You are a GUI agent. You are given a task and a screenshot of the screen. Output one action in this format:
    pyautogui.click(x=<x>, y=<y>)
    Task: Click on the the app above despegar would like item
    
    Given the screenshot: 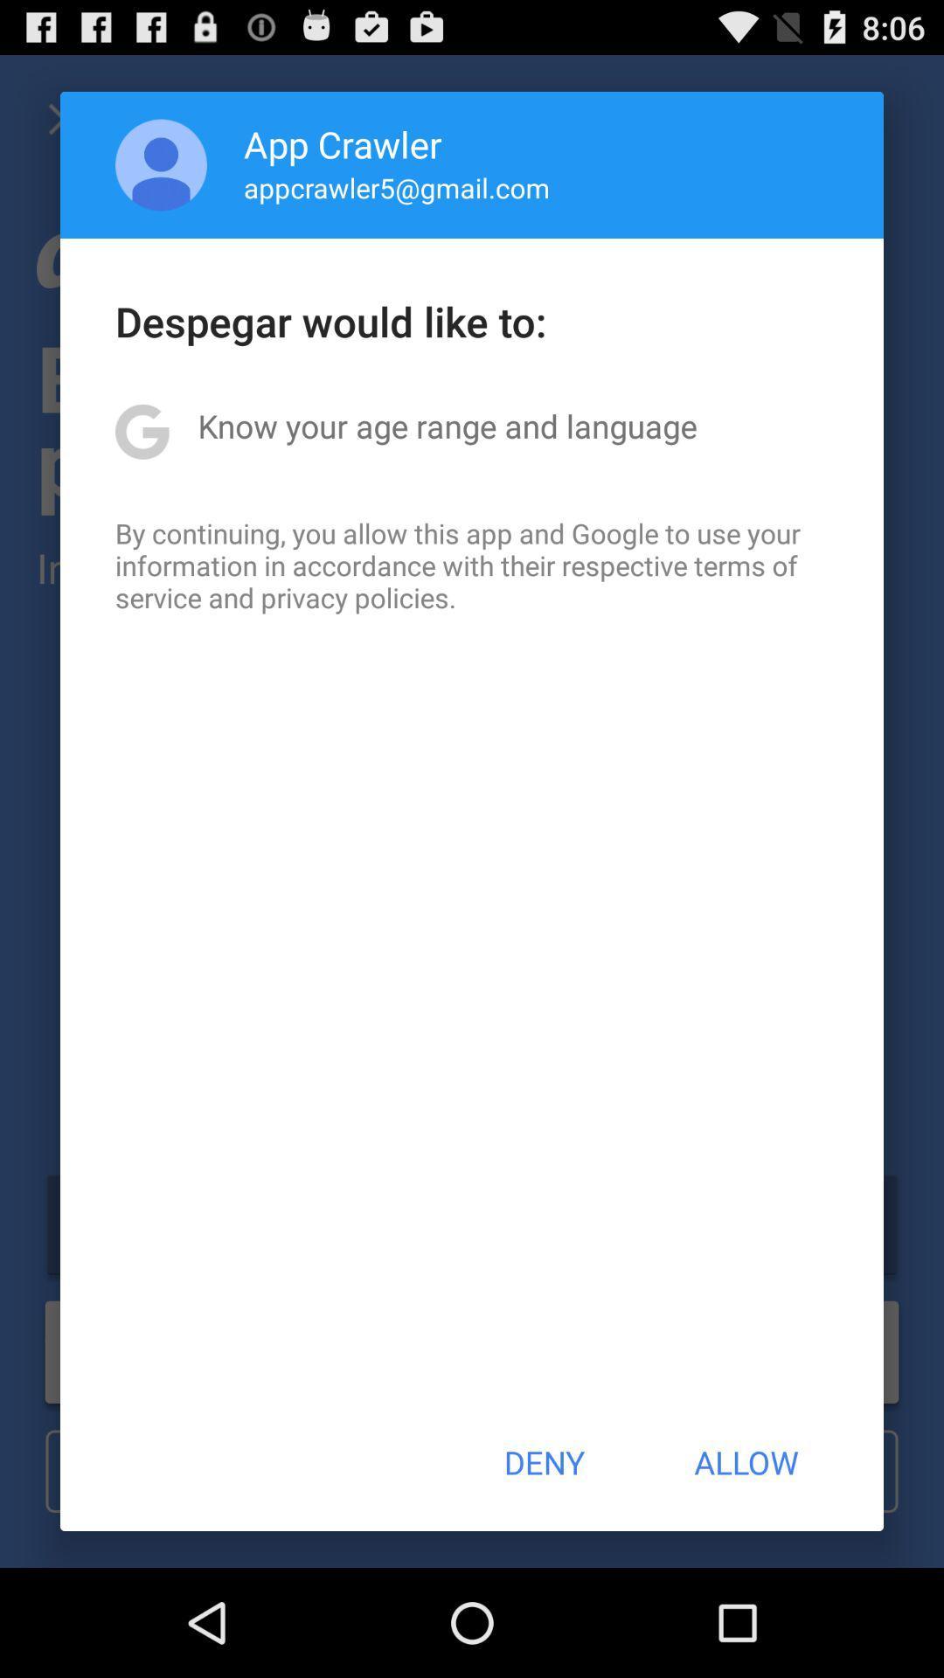 What is the action you would take?
    pyautogui.click(x=161, y=164)
    